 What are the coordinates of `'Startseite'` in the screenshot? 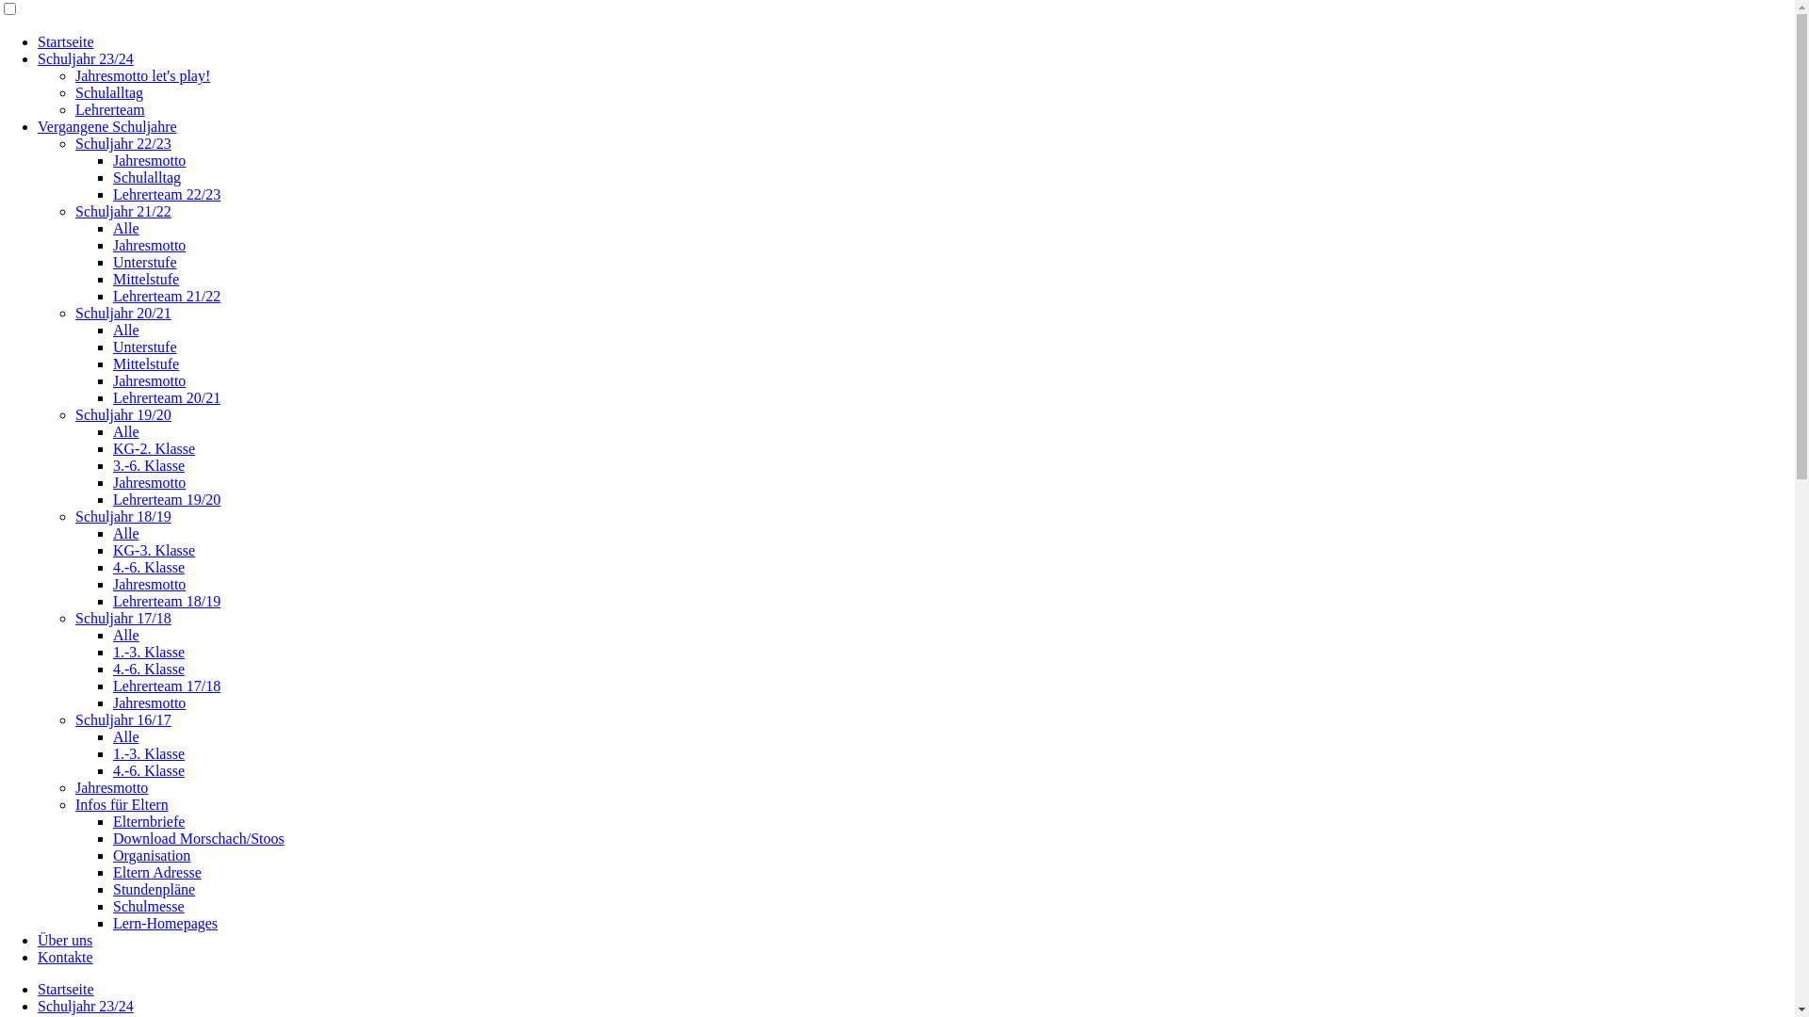 It's located at (66, 41).